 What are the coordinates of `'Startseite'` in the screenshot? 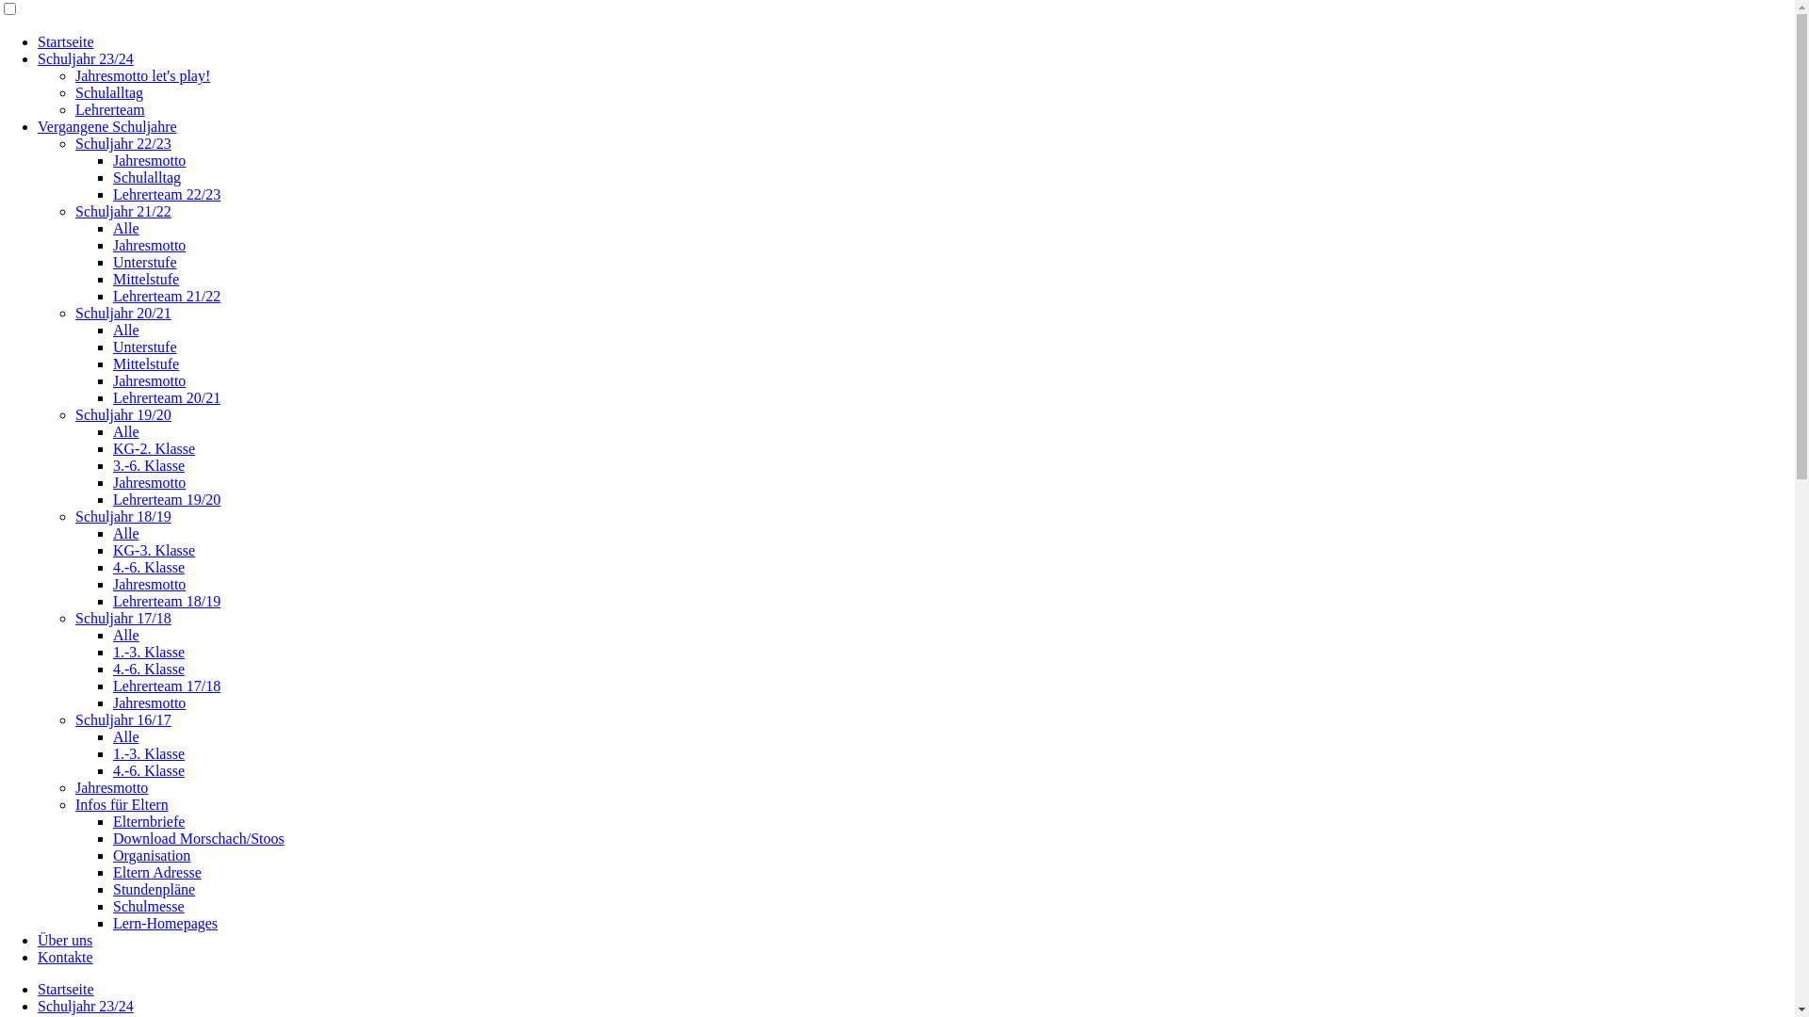 It's located at (66, 41).